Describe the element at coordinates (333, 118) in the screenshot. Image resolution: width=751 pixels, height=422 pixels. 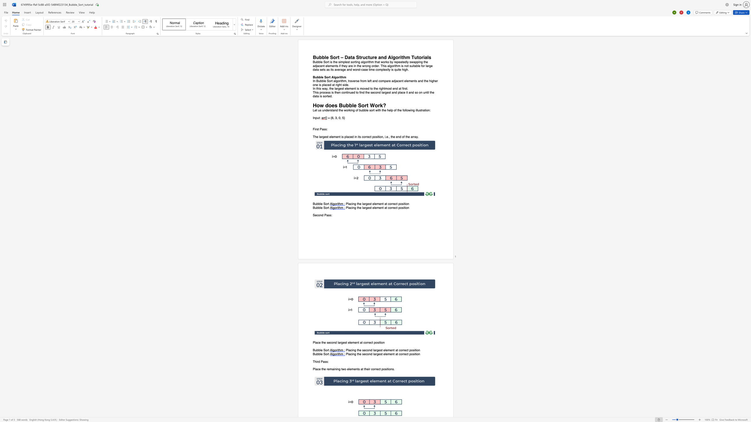
I see `the space between the continuous character "6" and "," in the text` at that location.